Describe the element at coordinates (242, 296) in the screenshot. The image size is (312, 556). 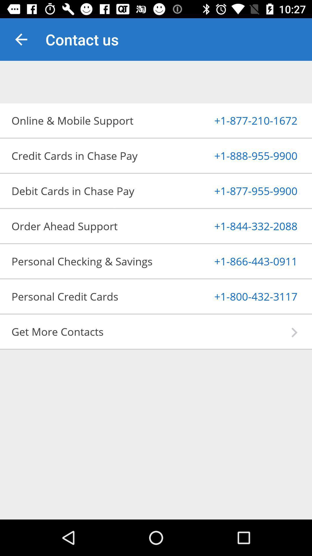
I see `icon to the right of personal credit cards icon` at that location.